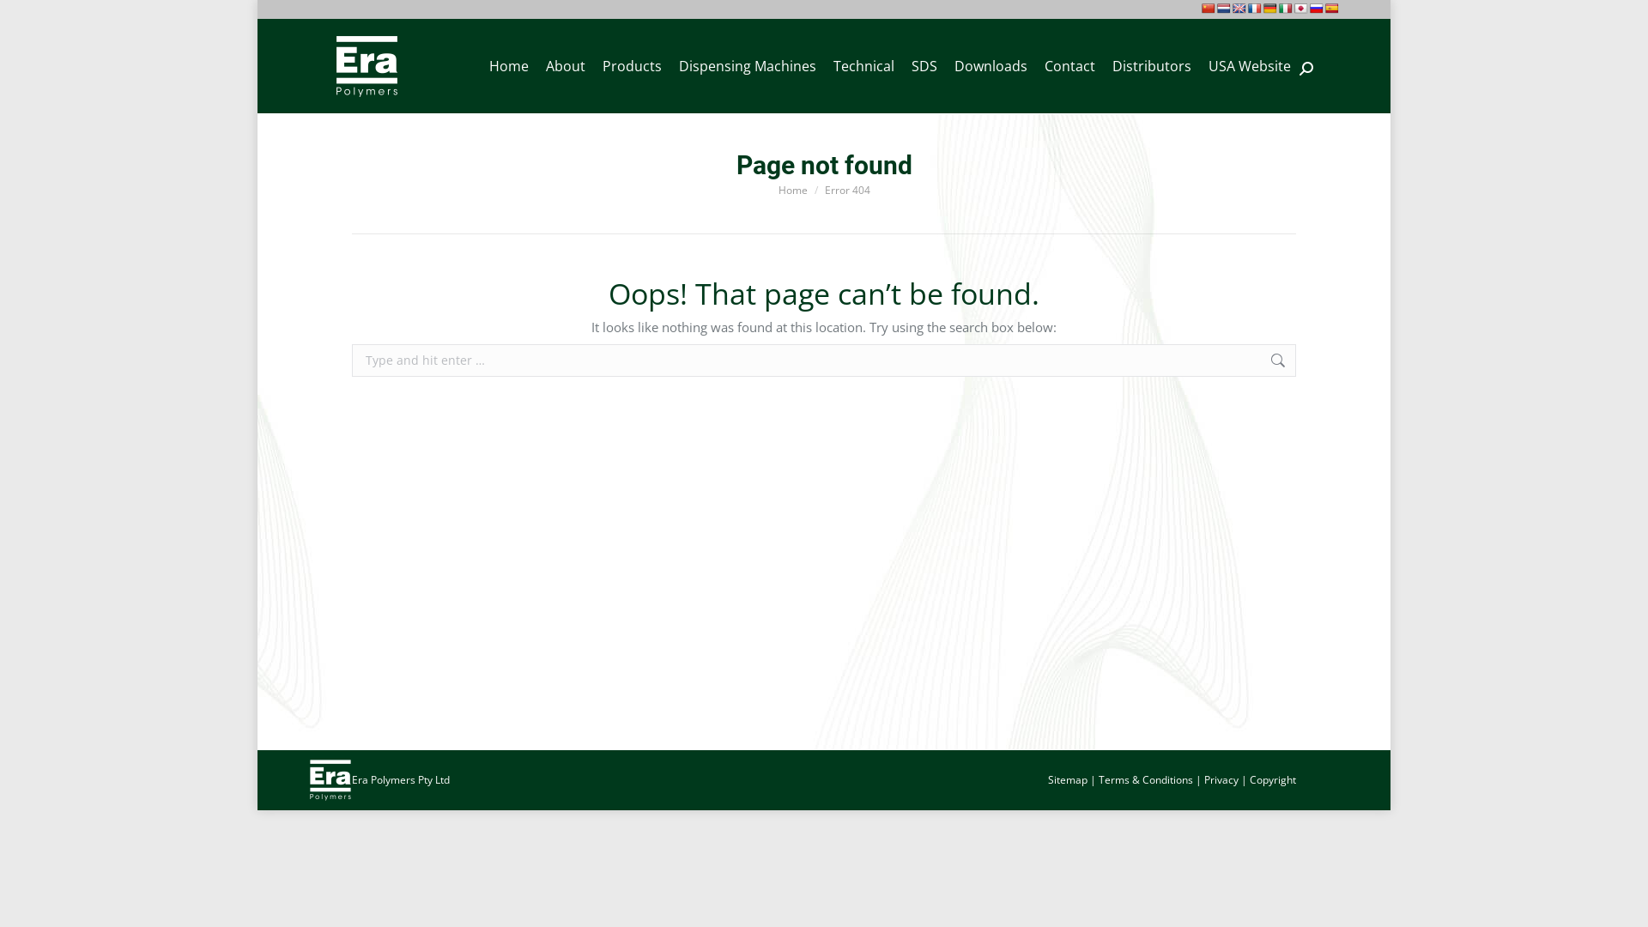 This screenshot has height=927, width=1648. I want to click on 'Dutch', so click(1222, 9).